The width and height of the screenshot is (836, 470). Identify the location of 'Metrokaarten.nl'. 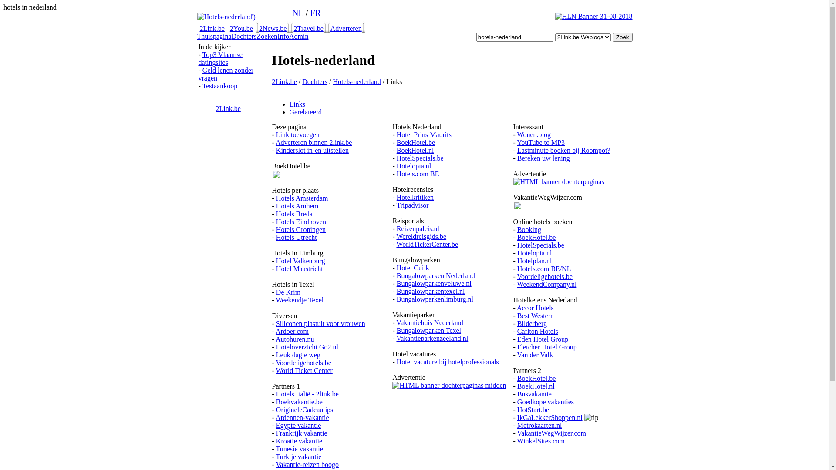
(539, 425).